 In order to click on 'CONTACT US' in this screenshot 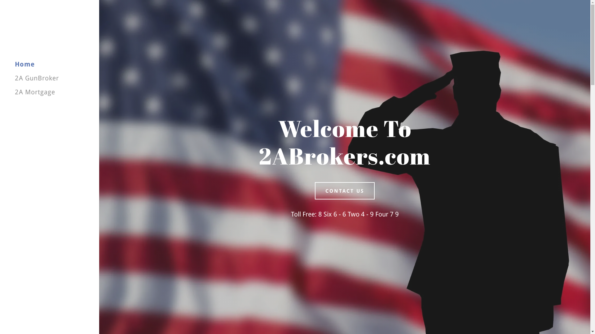, I will do `click(315, 191)`.